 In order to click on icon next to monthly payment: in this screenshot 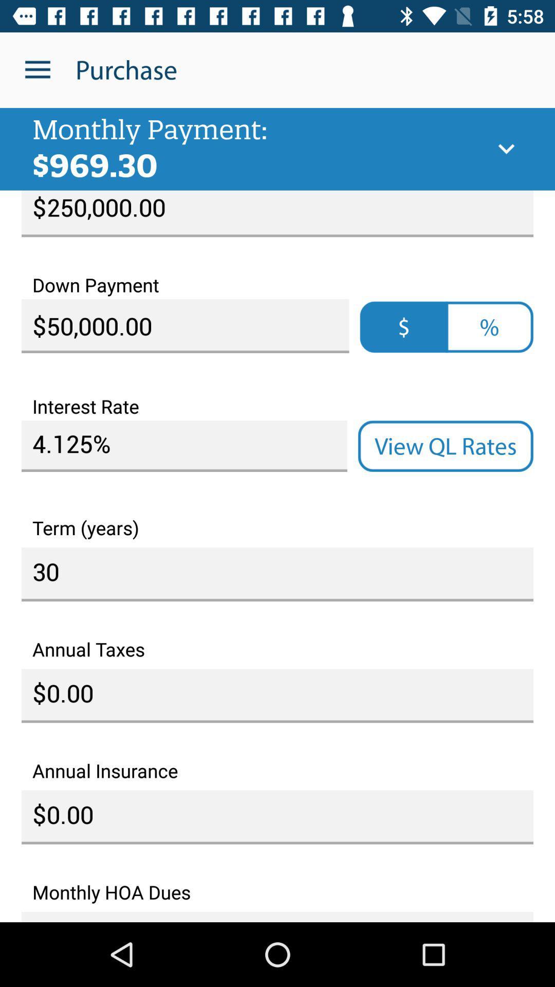, I will do `click(506, 149)`.